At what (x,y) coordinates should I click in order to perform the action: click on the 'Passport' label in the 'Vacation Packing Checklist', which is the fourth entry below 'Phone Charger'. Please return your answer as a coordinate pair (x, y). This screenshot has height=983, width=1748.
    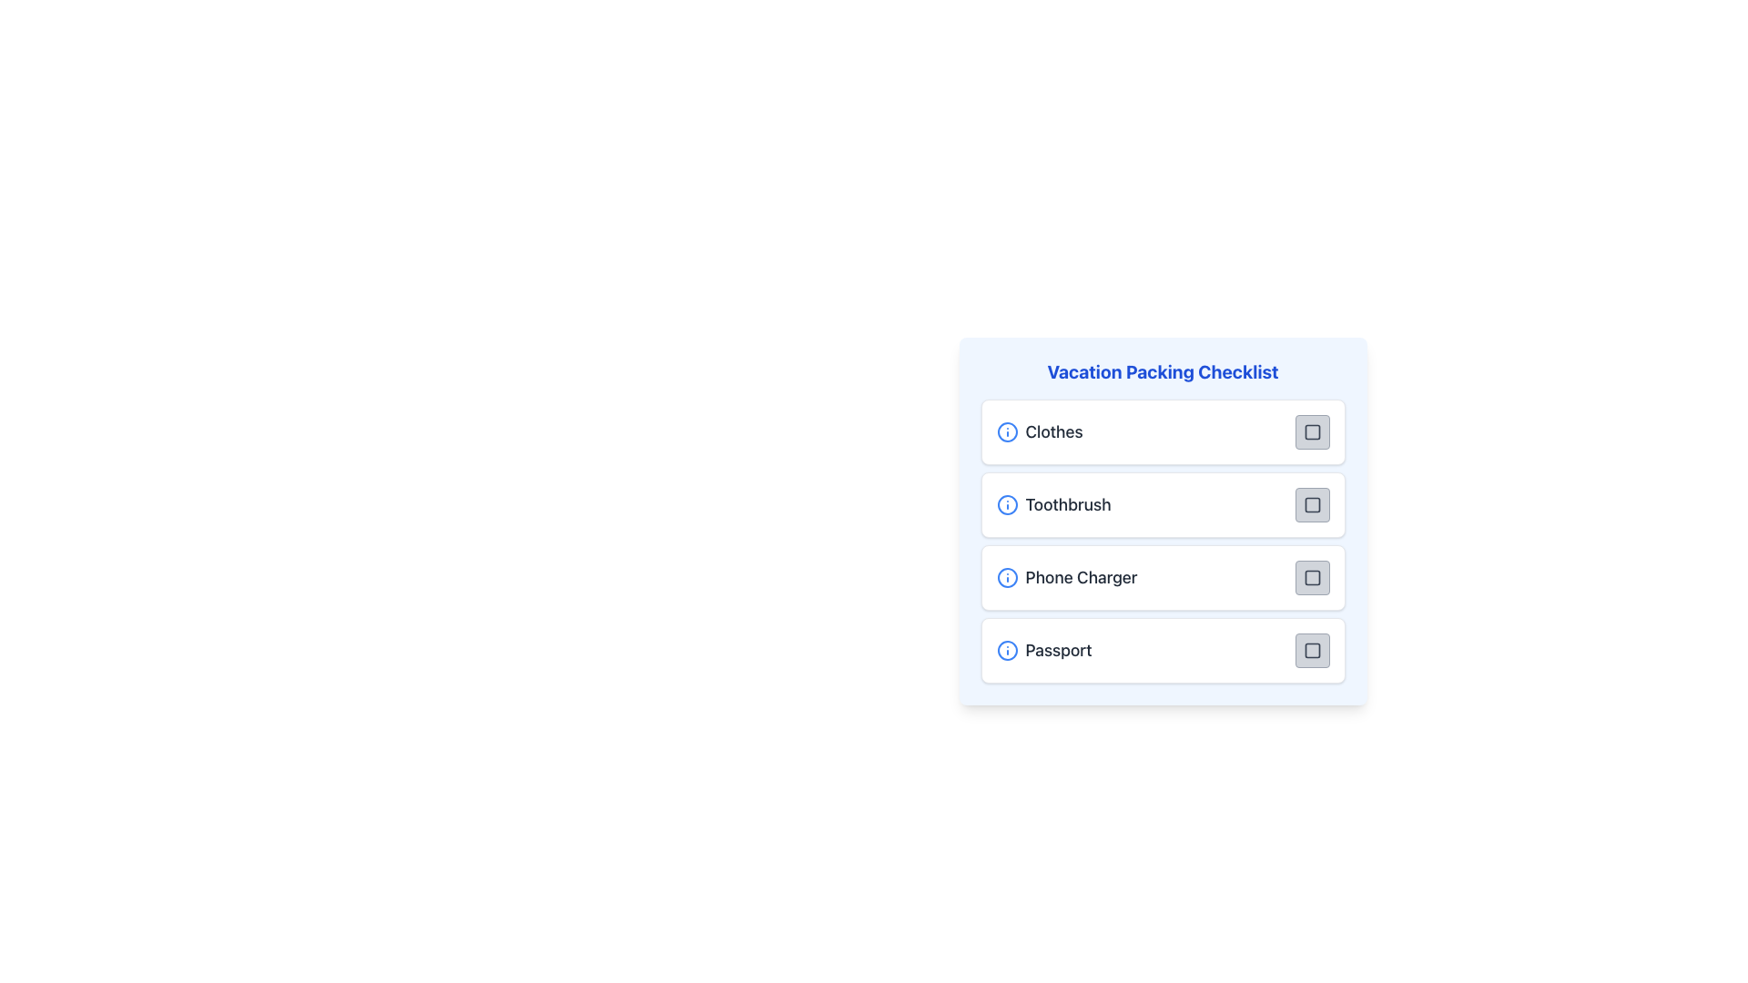
    Looking at the image, I should click on (1058, 649).